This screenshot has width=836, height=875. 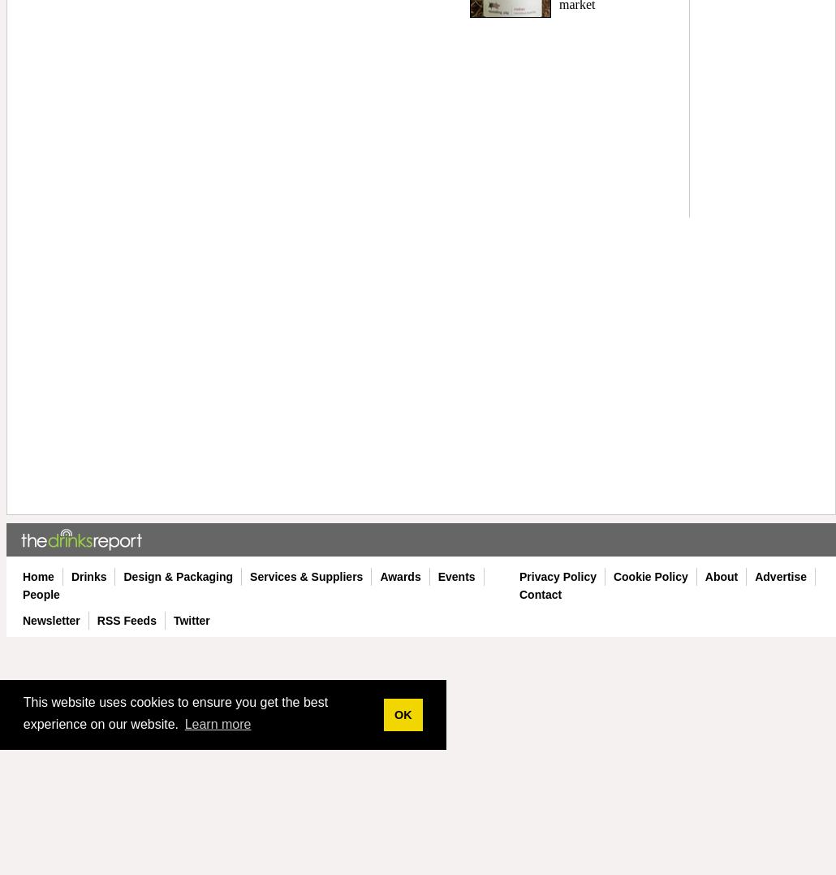 I want to click on 'Privacy Policy', so click(x=558, y=576).